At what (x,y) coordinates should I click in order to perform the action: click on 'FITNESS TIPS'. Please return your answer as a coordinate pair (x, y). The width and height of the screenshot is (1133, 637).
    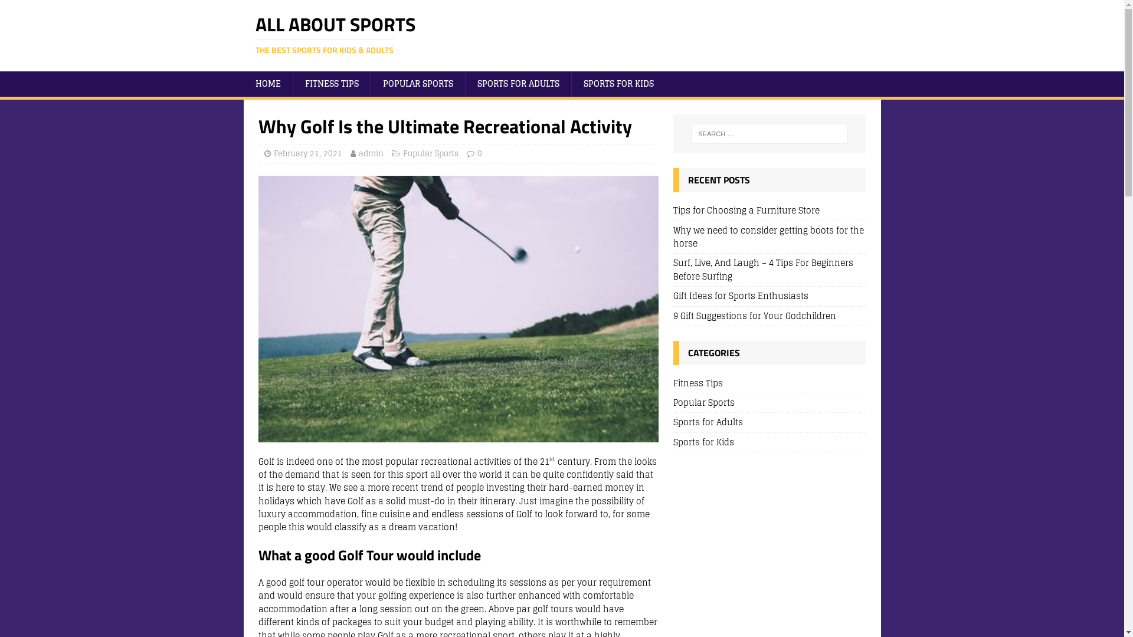
    Looking at the image, I should click on (330, 83).